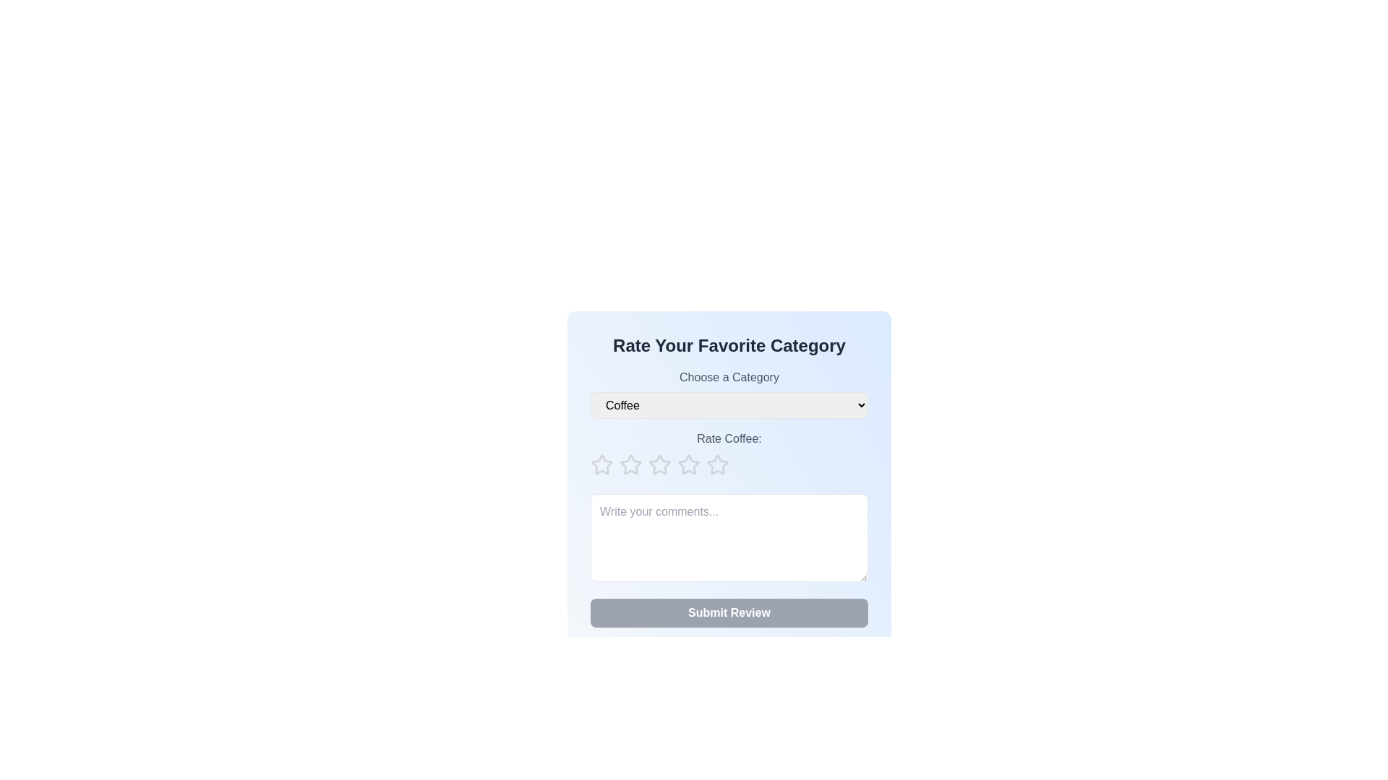  What do you see at coordinates (729, 393) in the screenshot?
I see `an option from the dropdown menu labeled 'Choose a Category', currently displaying 'Coffee'` at bounding box center [729, 393].